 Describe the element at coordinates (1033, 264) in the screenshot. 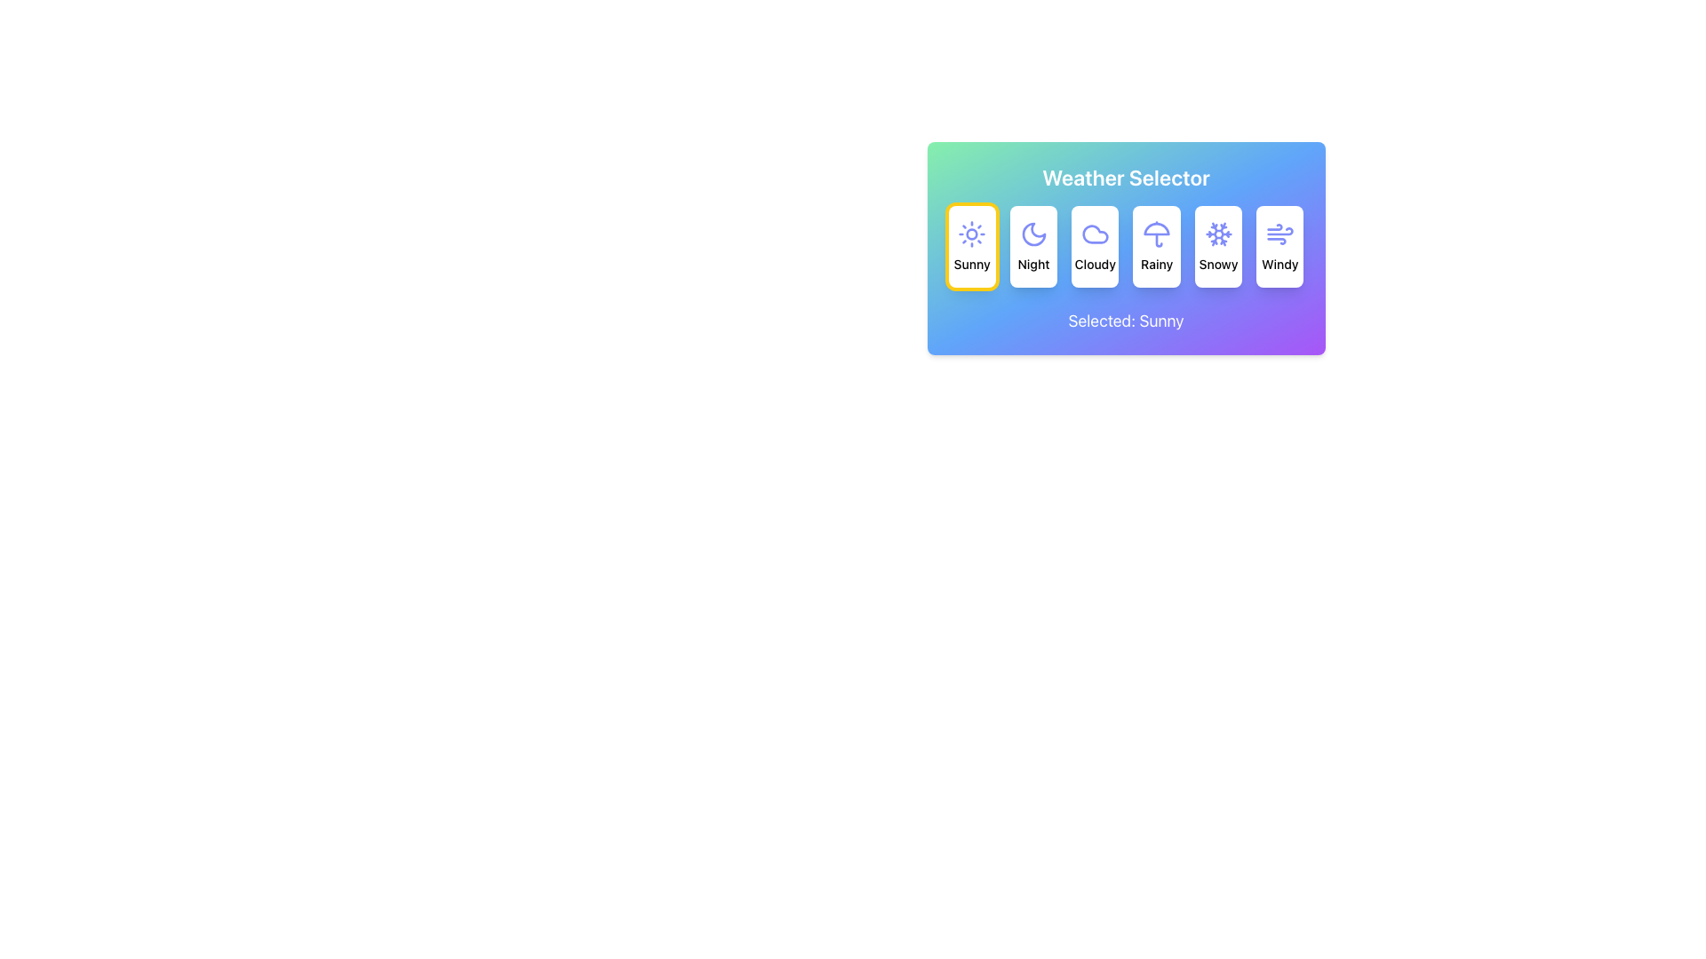

I see `text label 'Night' located in the second card from the left in the weather selector interface, positioned directly below the moon icon` at that location.